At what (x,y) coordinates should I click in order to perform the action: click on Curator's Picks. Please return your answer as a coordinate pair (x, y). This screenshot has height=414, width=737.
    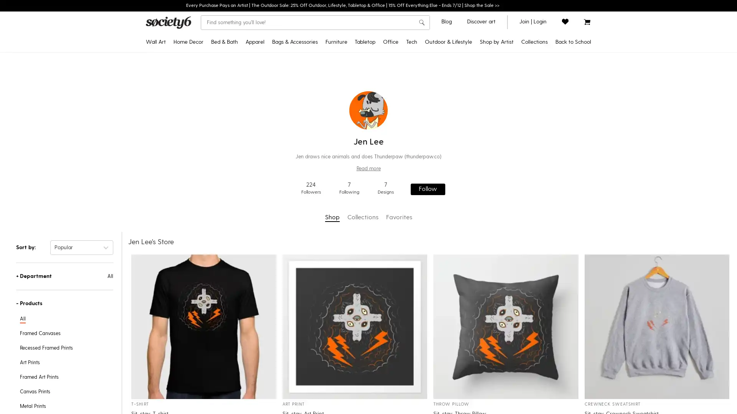
    Looking at the image, I should click on (476, 185).